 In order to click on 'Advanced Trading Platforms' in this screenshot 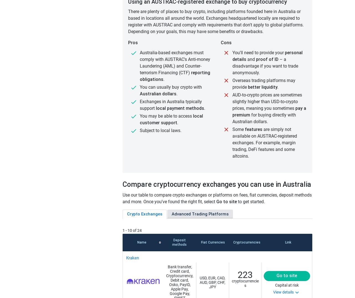, I will do `click(171, 214)`.